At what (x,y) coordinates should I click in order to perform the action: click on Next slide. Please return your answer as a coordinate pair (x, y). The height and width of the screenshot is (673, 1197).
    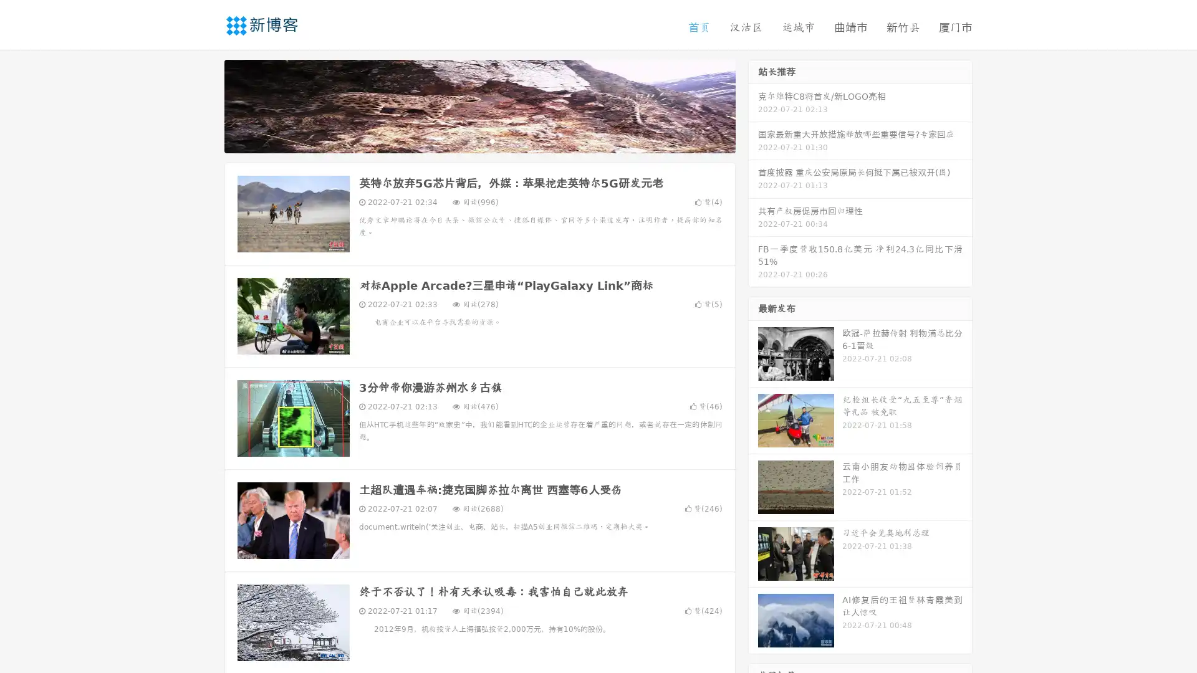
    Looking at the image, I should click on (753, 105).